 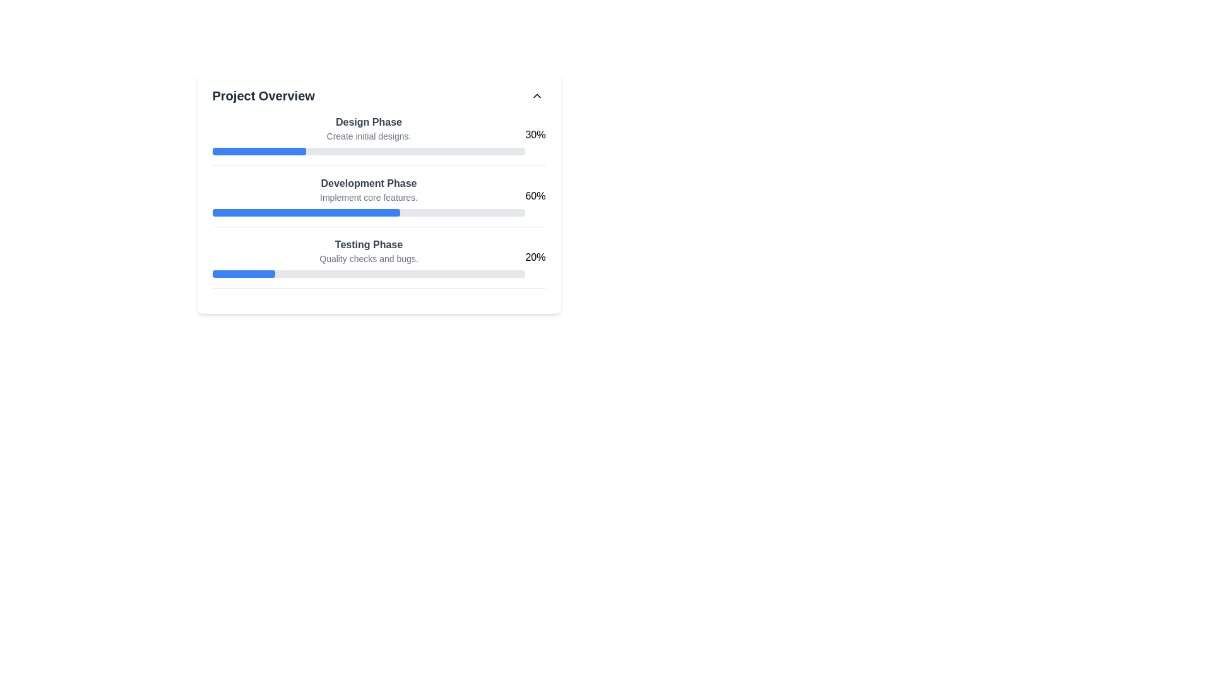 What do you see at coordinates (368, 183) in the screenshot?
I see `the Text Label that indicates the phase of the project, located in the second row under 'Project Overview', above the text 'Implement core features.' and aligned with a blue progress bar showing '60%'` at bounding box center [368, 183].